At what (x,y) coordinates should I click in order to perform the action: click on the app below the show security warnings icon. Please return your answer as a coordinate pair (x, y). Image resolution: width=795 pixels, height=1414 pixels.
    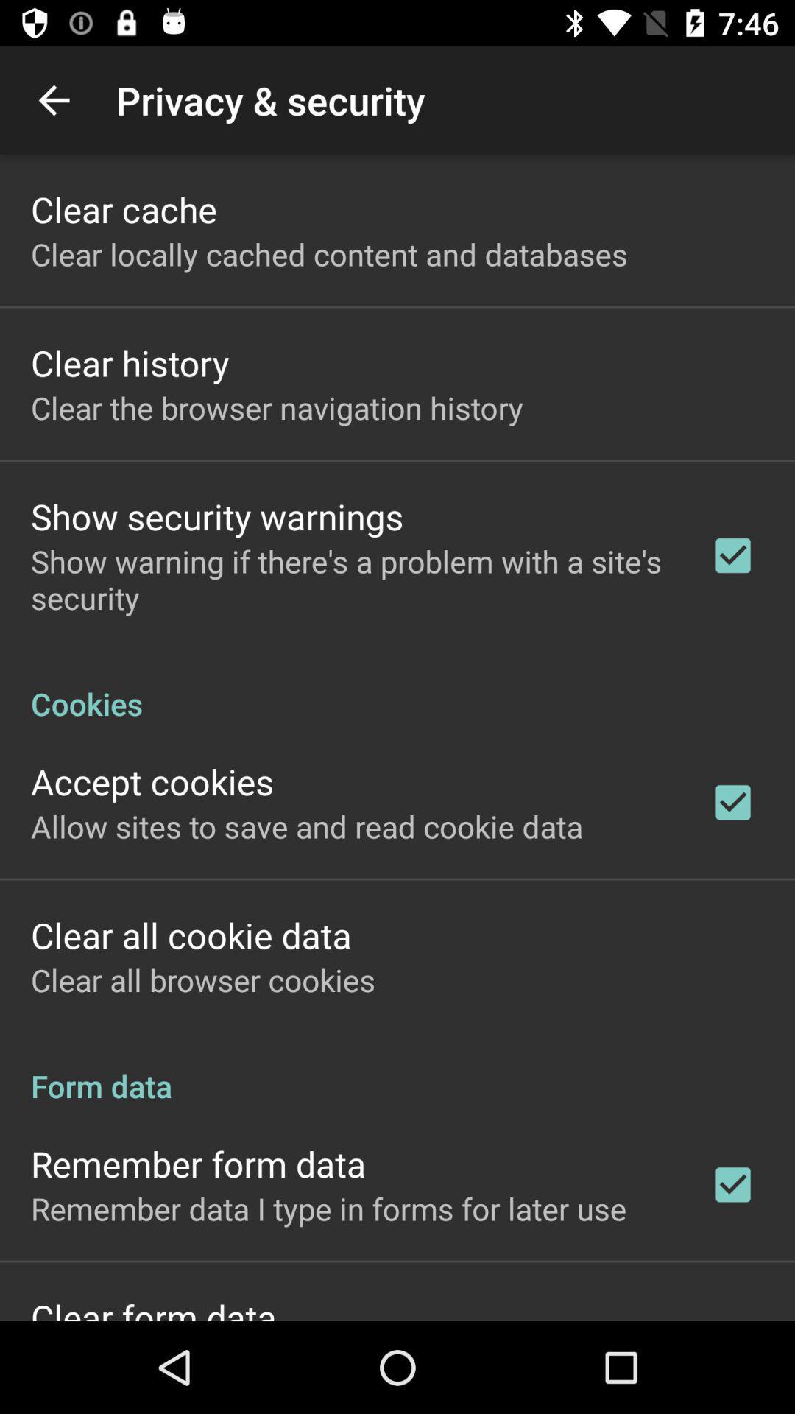
    Looking at the image, I should click on (351, 578).